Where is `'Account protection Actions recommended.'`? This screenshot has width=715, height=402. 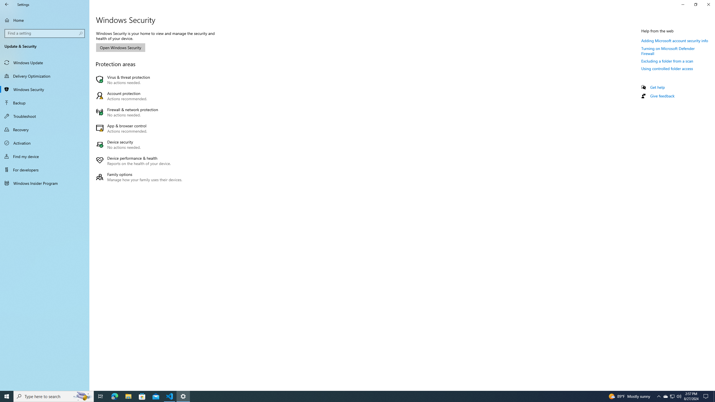 'Account protection Actions recommended.' is located at coordinates (140, 96).